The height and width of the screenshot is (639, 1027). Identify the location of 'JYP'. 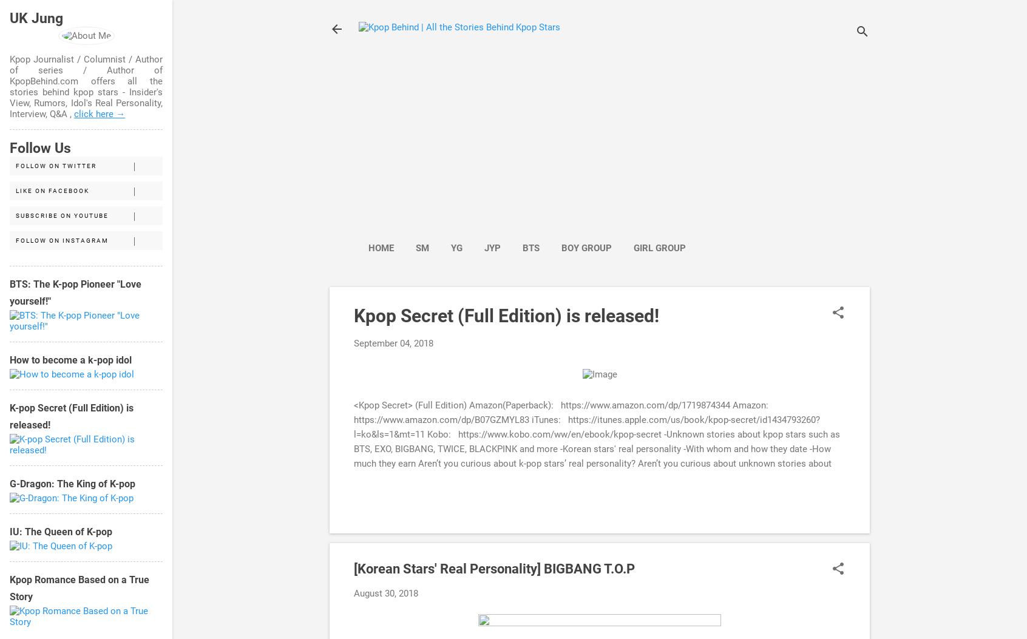
(492, 248).